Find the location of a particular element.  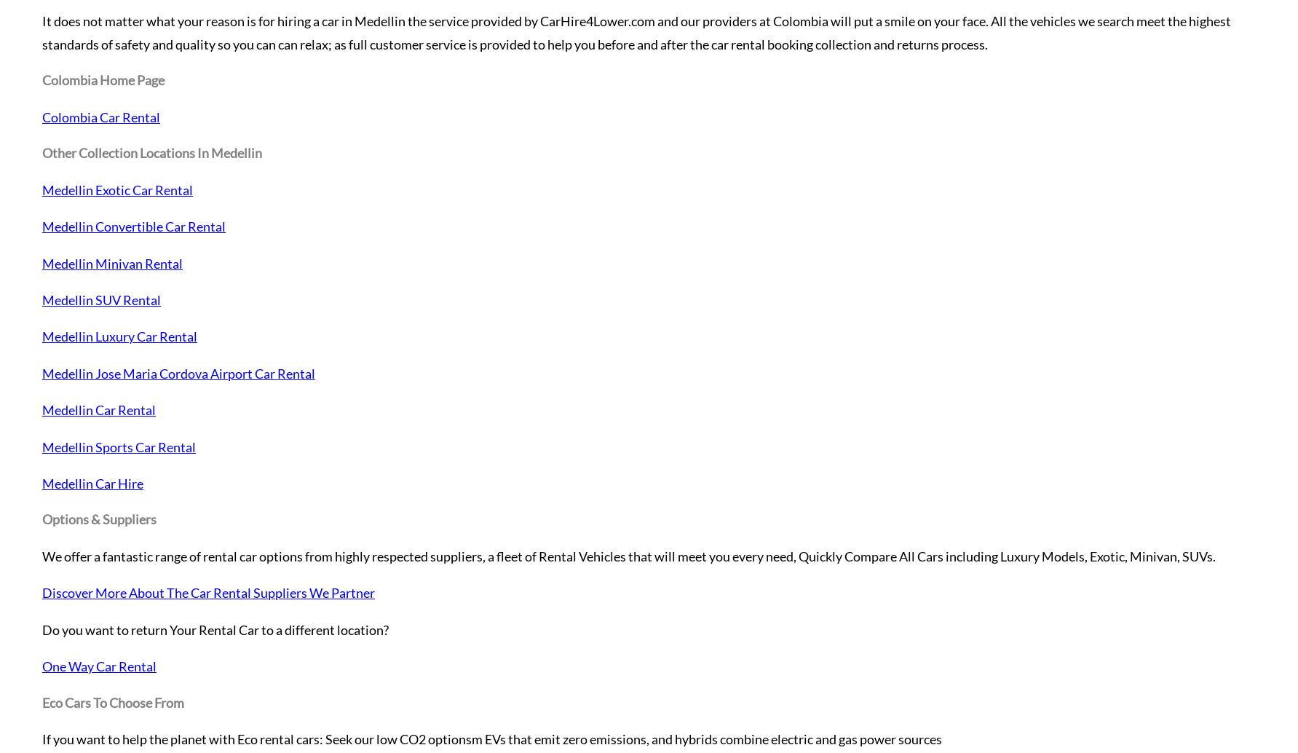

'Medellin Luxury Car Rental' is located at coordinates (119, 335).